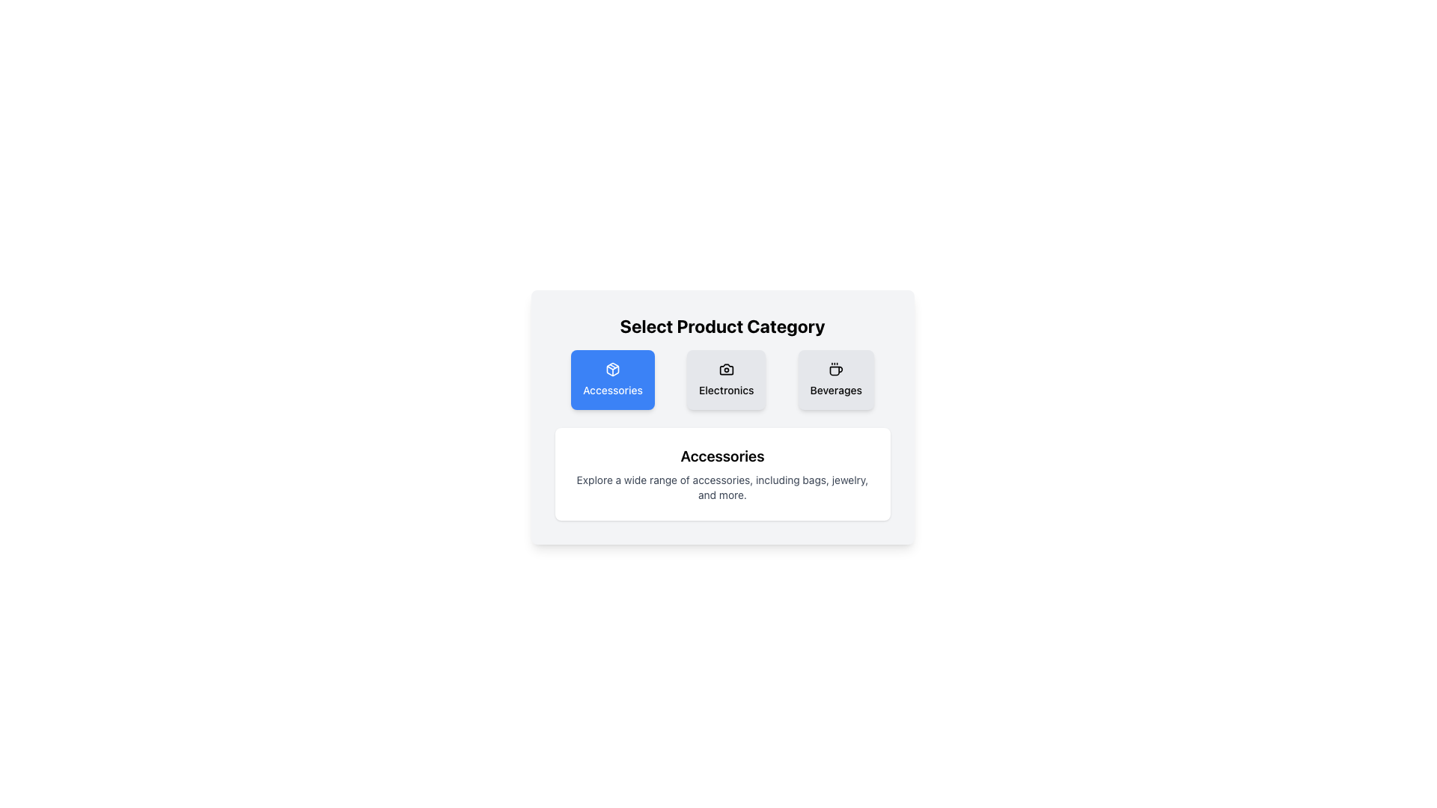 The width and height of the screenshot is (1437, 808). I want to click on the 'Accessories' text header which serves as a title indicating the category of products, so click(722, 455).